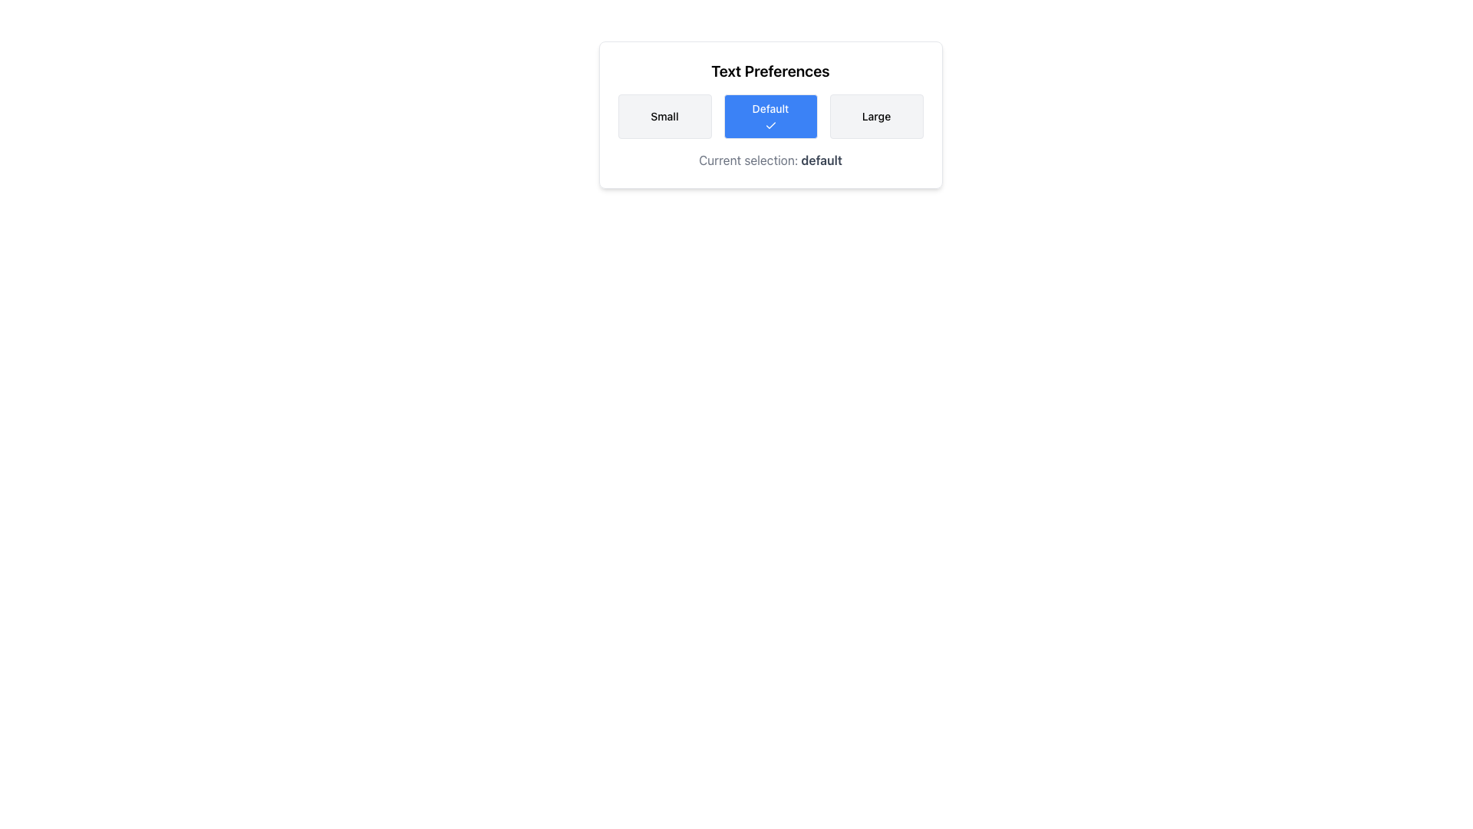  I want to click on text from the label that indicates the current size selection for the 'Default' button, located at the center of the blue square button in the 'Text Preferences' section, so click(770, 108).